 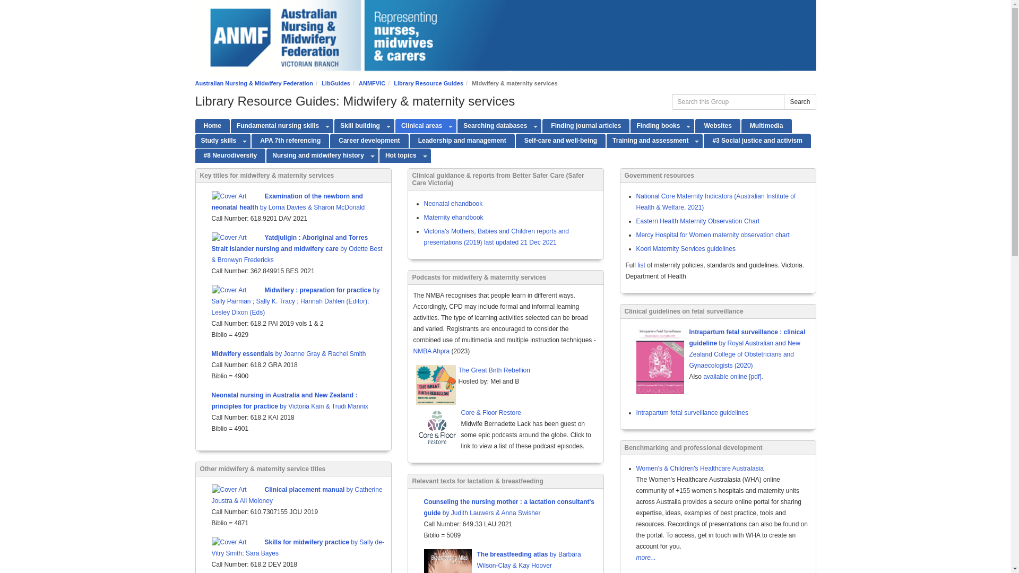 I want to click on 'Clinical placement manual by Catherine Joustra & Ali Moloney', so click(x=296, y=495).